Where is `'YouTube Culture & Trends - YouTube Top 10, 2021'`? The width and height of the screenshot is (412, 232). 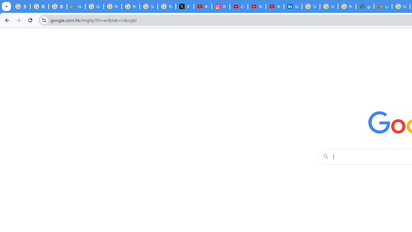
'YouTube Culture & Trends - YouTube Top 10, 2021' is located at coordinates (275, 6).